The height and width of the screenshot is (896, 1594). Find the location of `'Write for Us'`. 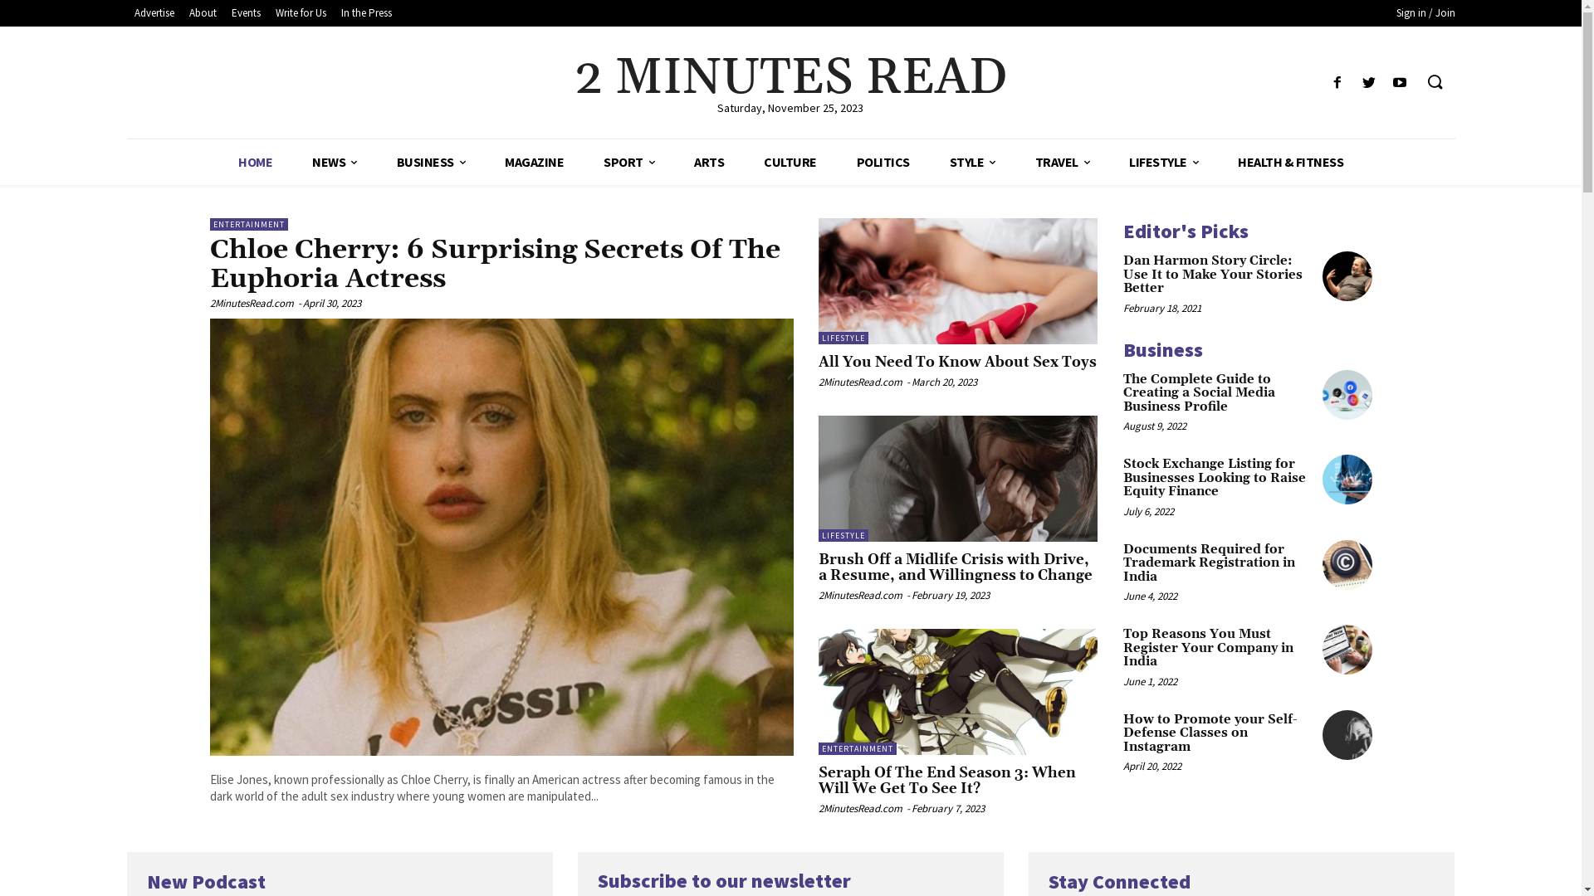

'Write for Us' is located at coordinates (300, 12).